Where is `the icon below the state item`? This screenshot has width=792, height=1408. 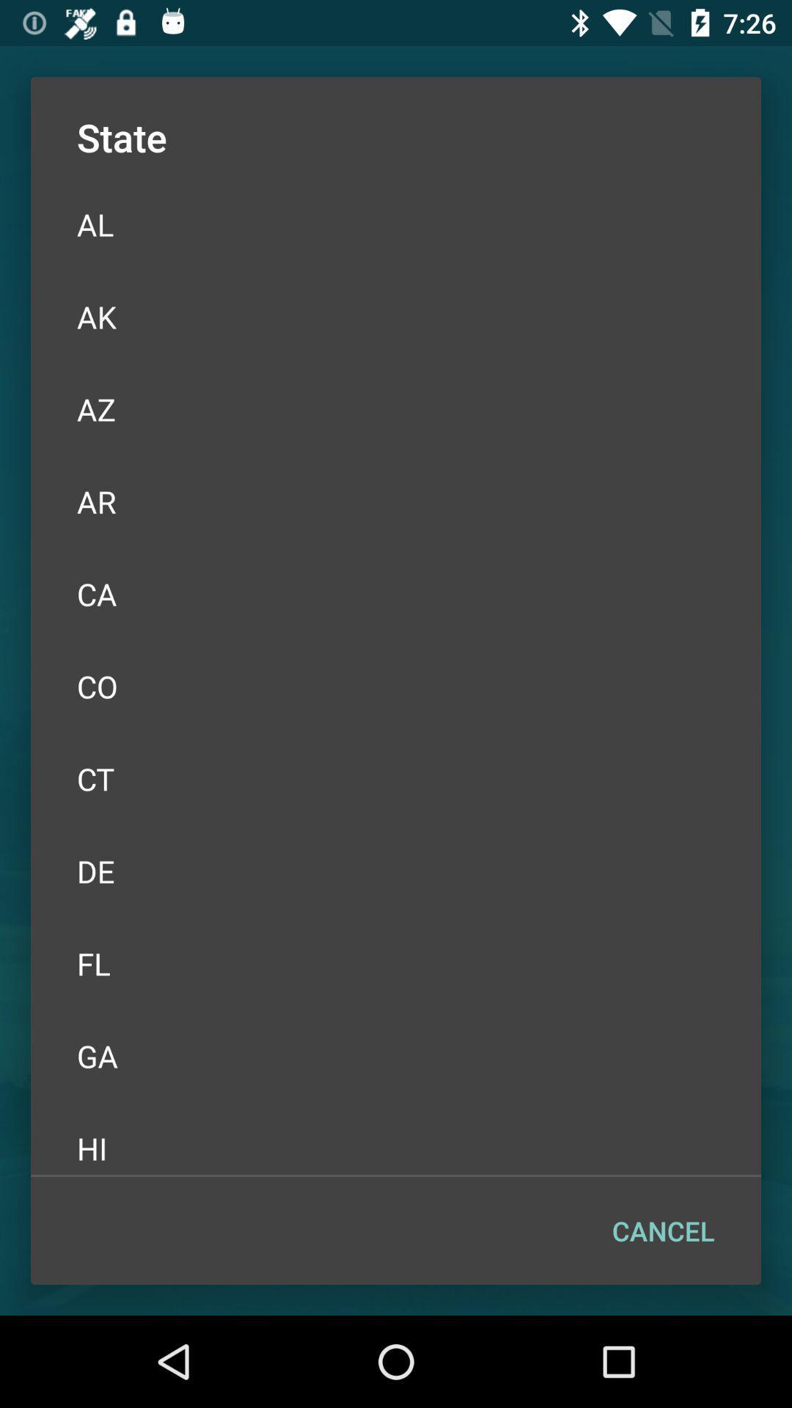
the icon below the state item is located at coordinates (396, 224).